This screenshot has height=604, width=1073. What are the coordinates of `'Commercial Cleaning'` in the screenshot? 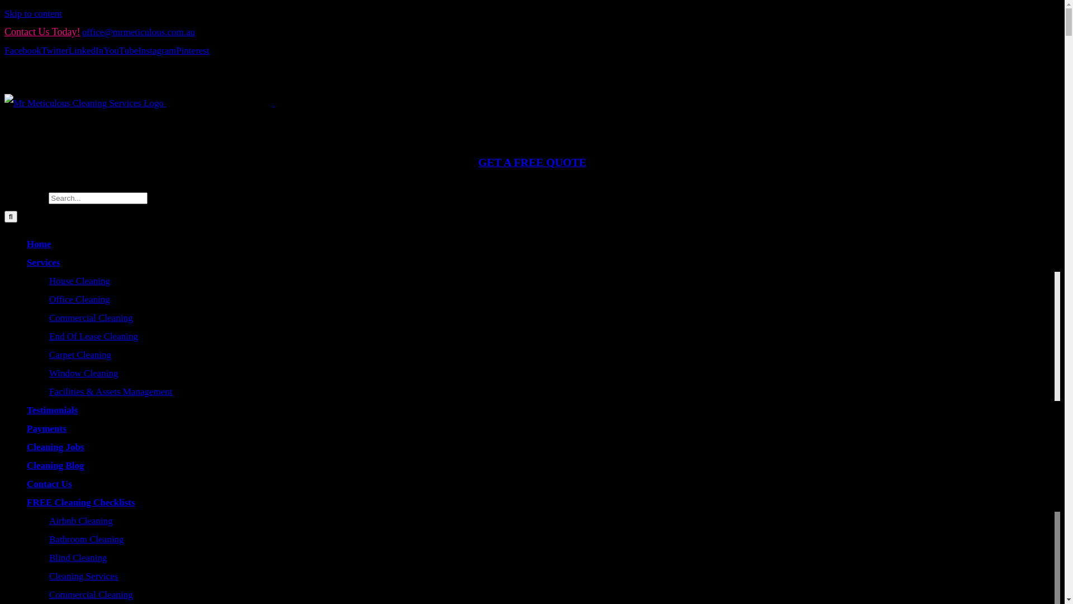 It's located at (91, 318).